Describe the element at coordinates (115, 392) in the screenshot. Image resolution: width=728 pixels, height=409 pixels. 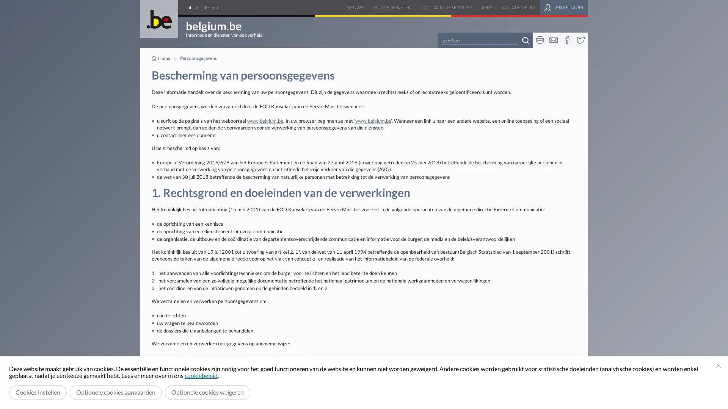
I see `Optionele cookies aanvaarden` at that location.